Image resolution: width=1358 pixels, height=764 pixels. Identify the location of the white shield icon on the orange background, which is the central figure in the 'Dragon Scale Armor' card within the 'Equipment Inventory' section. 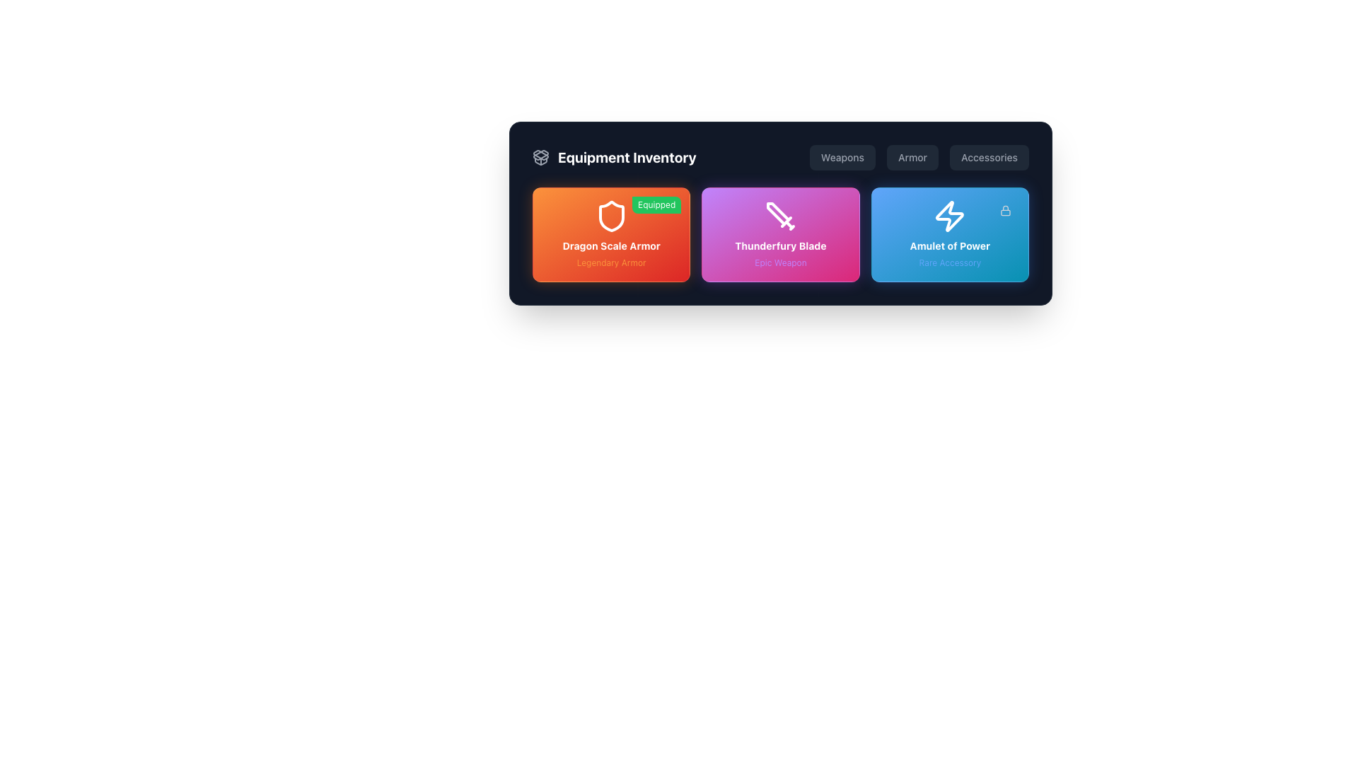
(611, 216).